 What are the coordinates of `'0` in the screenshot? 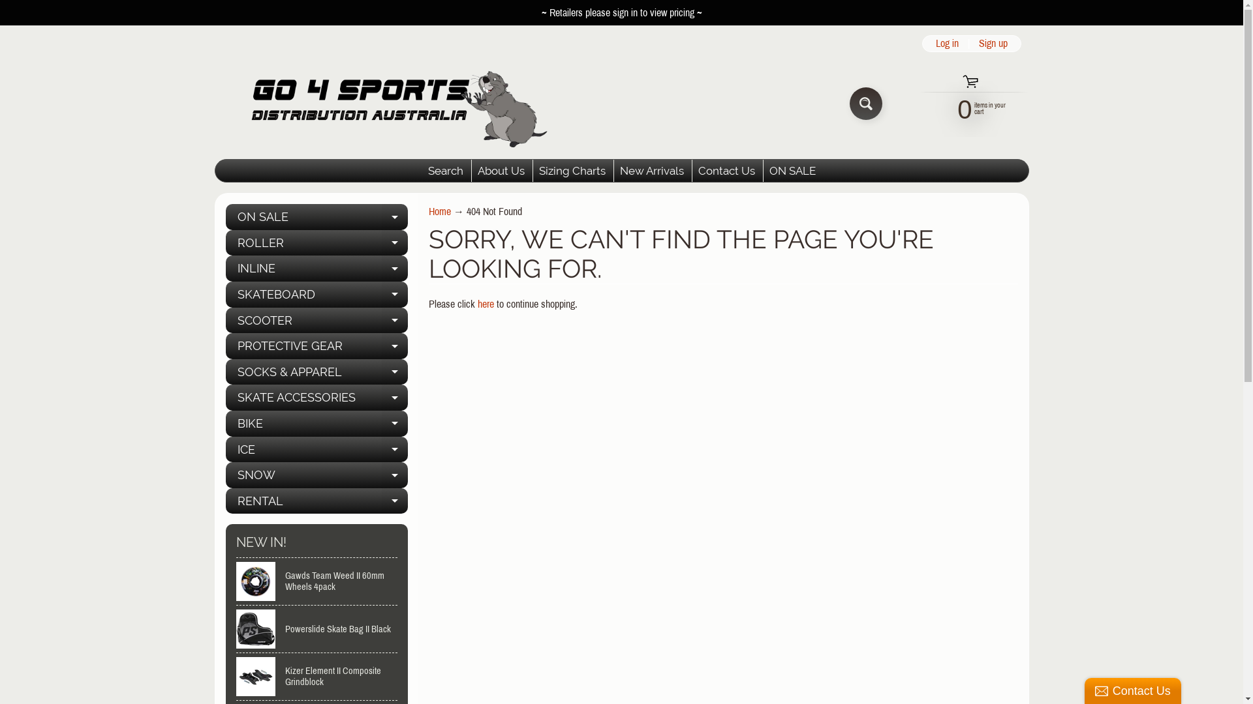 It's located at (965, 107).